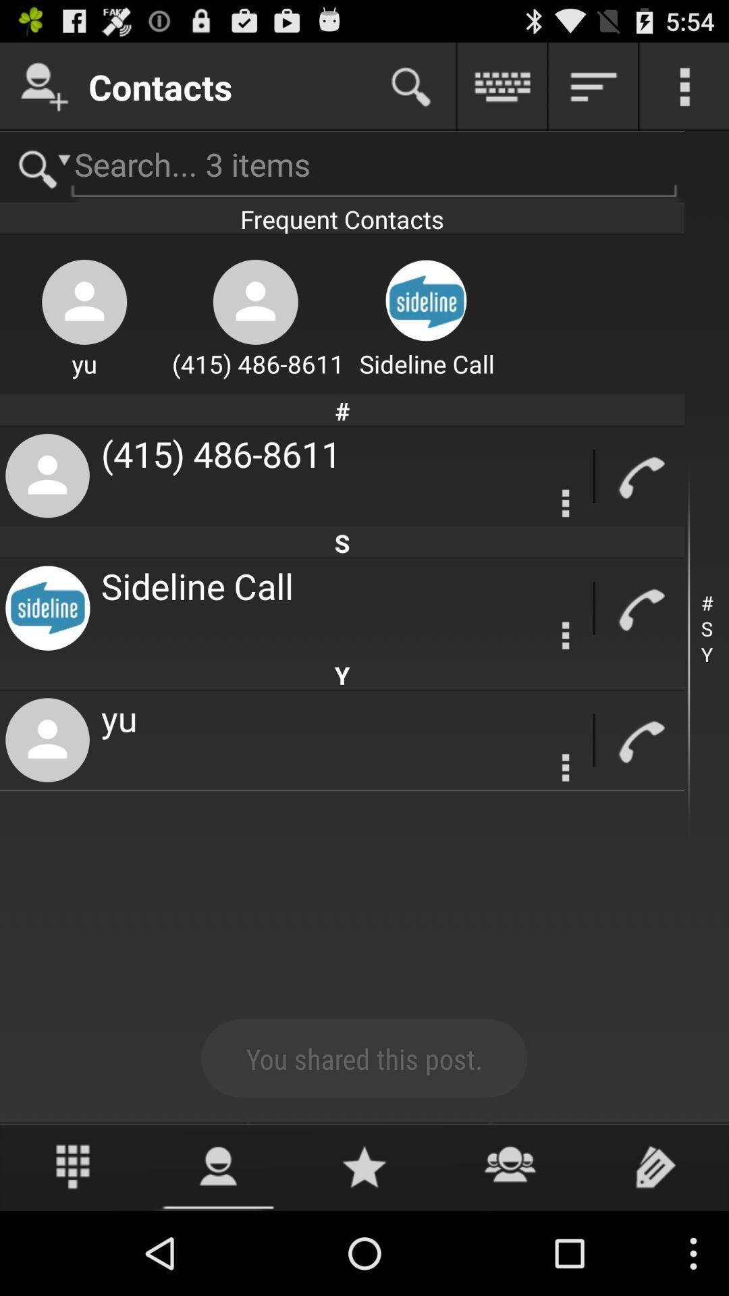 The image size is (729, 1296). Describe the element at coordinates (43, 86) in the screenshot. I see `contact plus option` at that location.